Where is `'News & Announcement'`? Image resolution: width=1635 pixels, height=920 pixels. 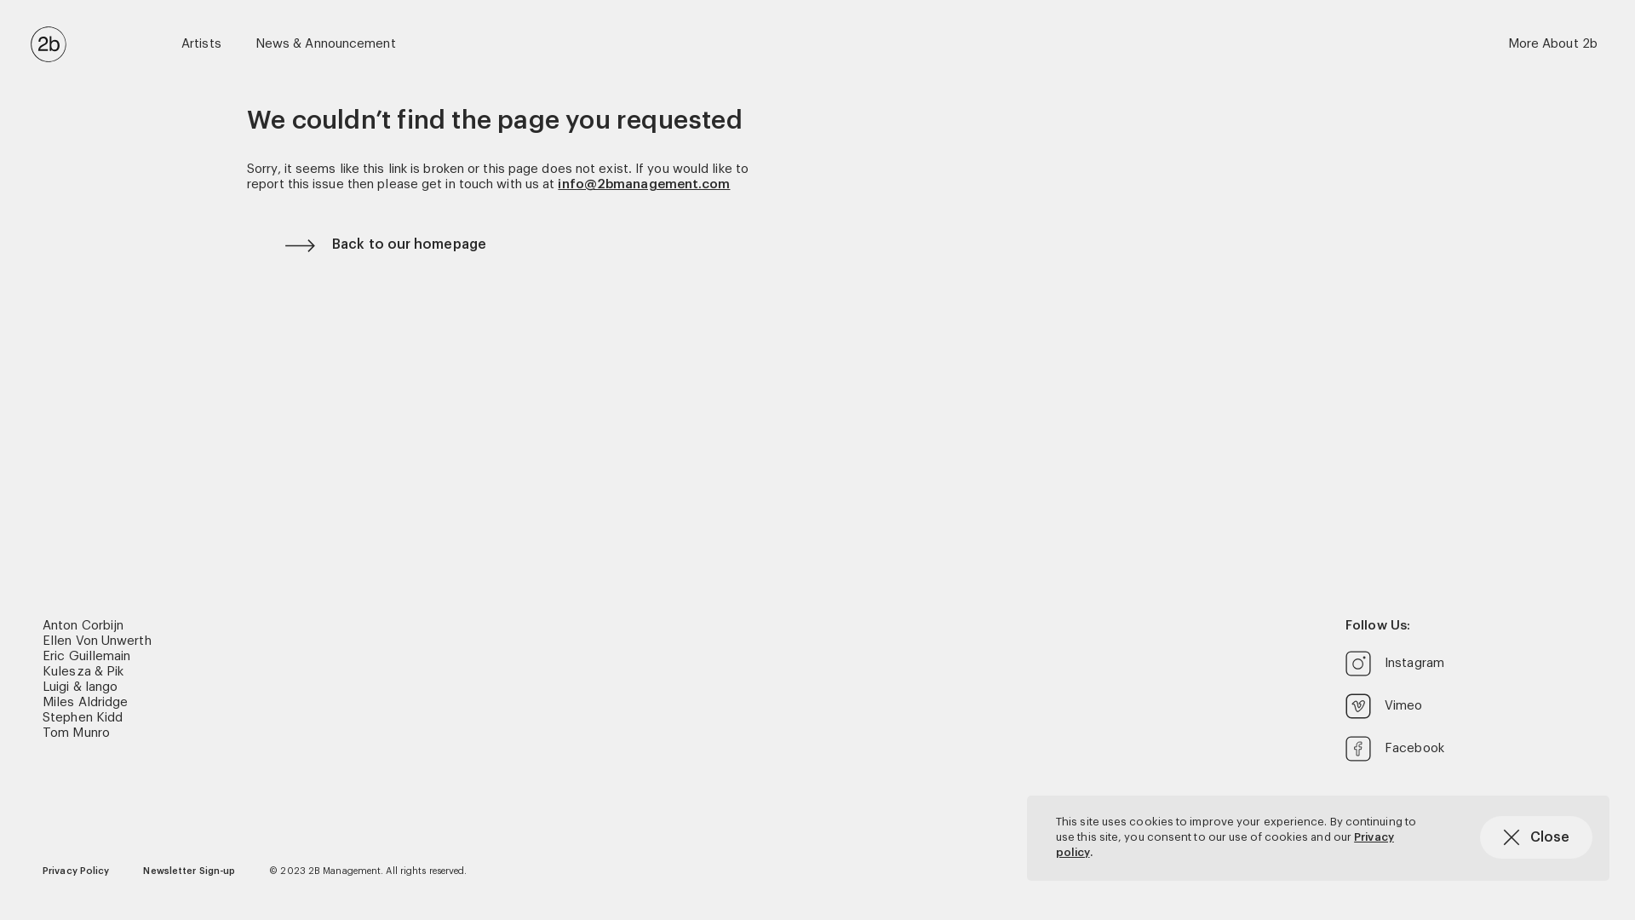 'News & Announcement' is located at coordinates (325, 43).